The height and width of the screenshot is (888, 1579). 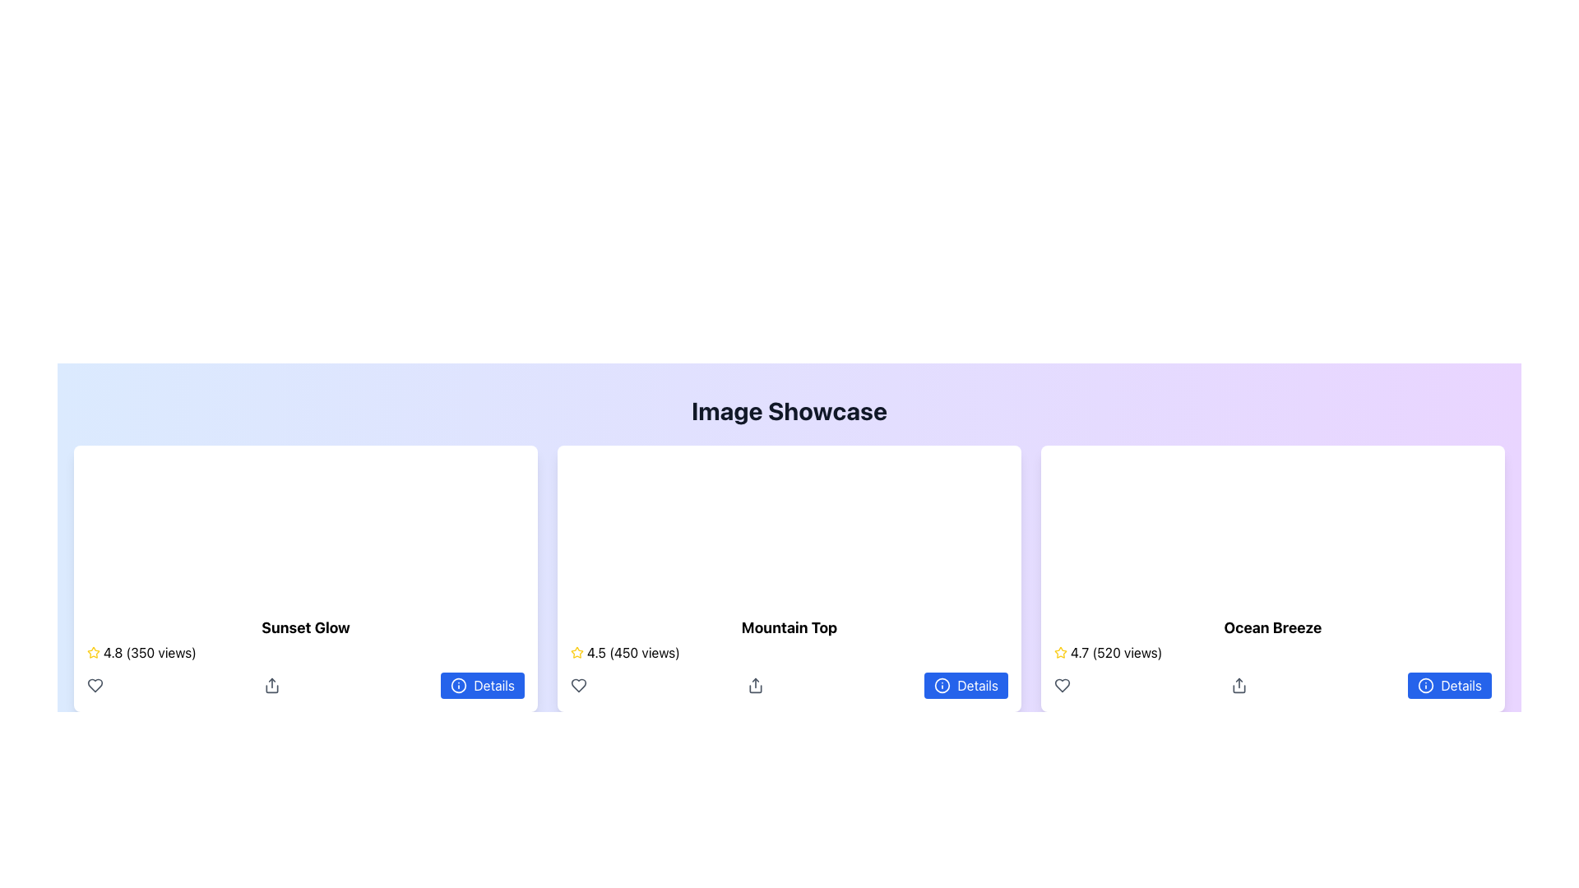 What do you see at coordinates (272, 685) in the screenshot?
I see `the 'share' icon located below the text 'Sunset Glow' in the leftmost card of the 'Image Showcase' section to share the content` at bounding box center [272, 685].